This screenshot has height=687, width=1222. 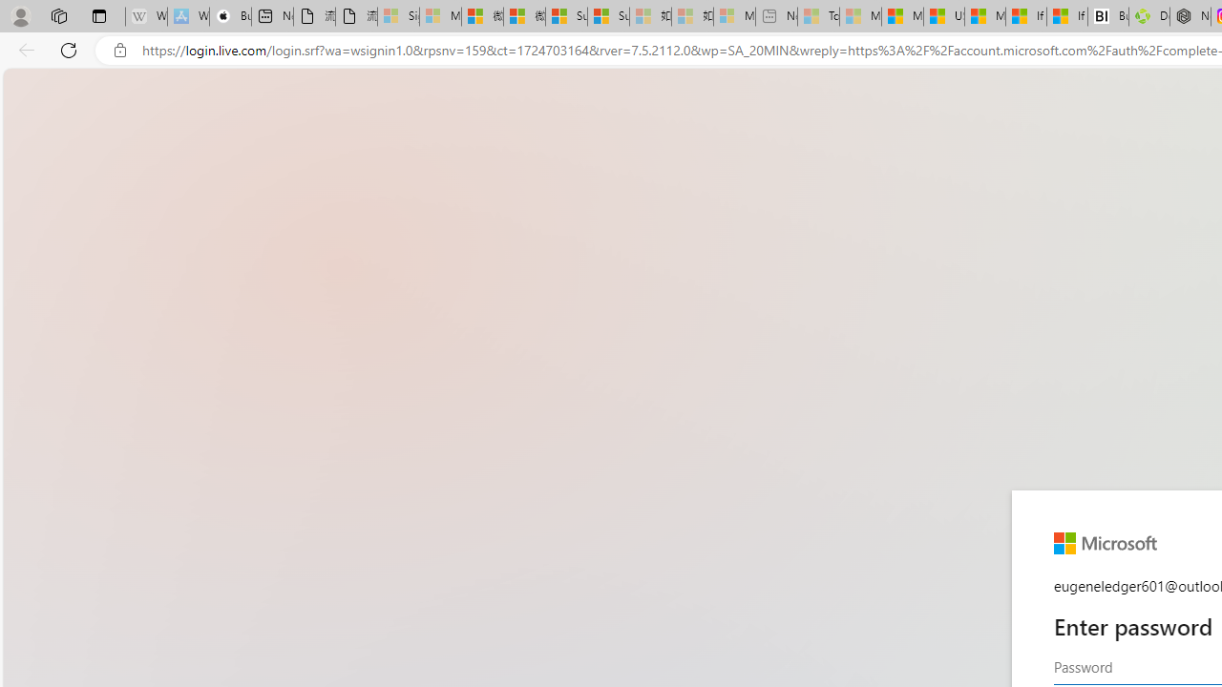 I want to click on 'US Heat Deaths Soared To Record High Last Year', so click(x=943, y=16).